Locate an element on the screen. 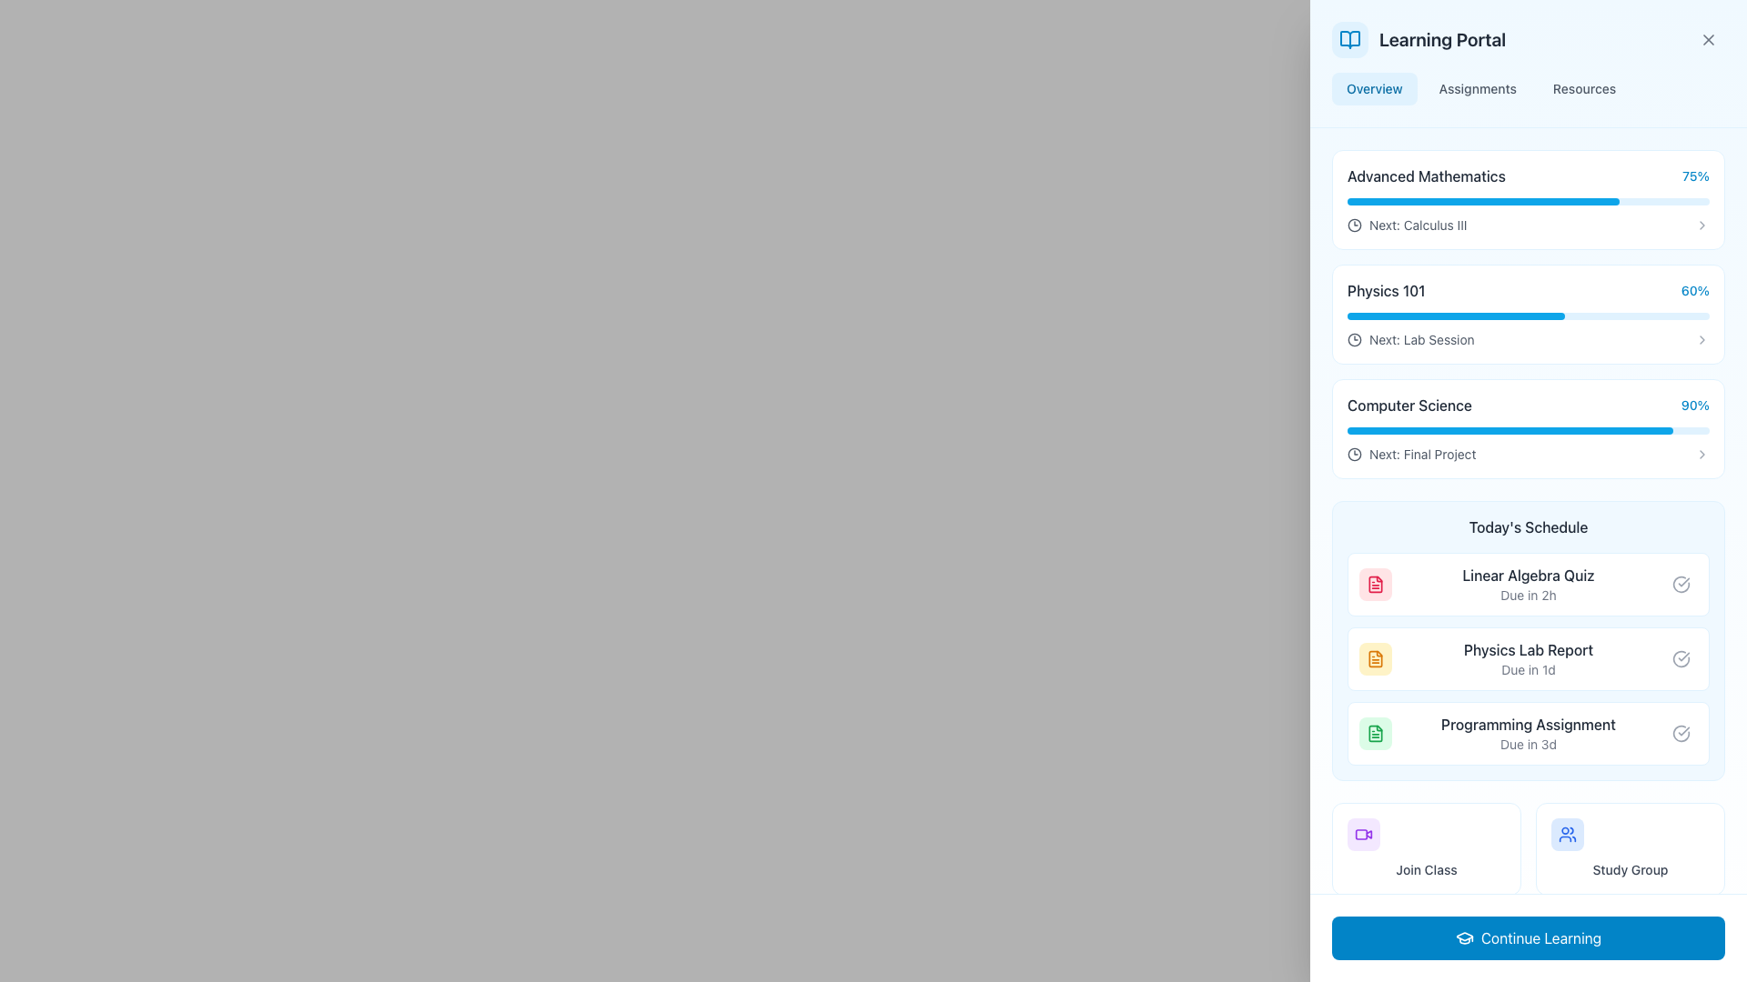 This screenshot has width=1747, height=982. progress details of the progress list component that includes titles like 'Advanced Mathematics', 'Physics 101', and 'Computer Science' with corresponding progress bars and percentages is located at coordinates (1529, 314).